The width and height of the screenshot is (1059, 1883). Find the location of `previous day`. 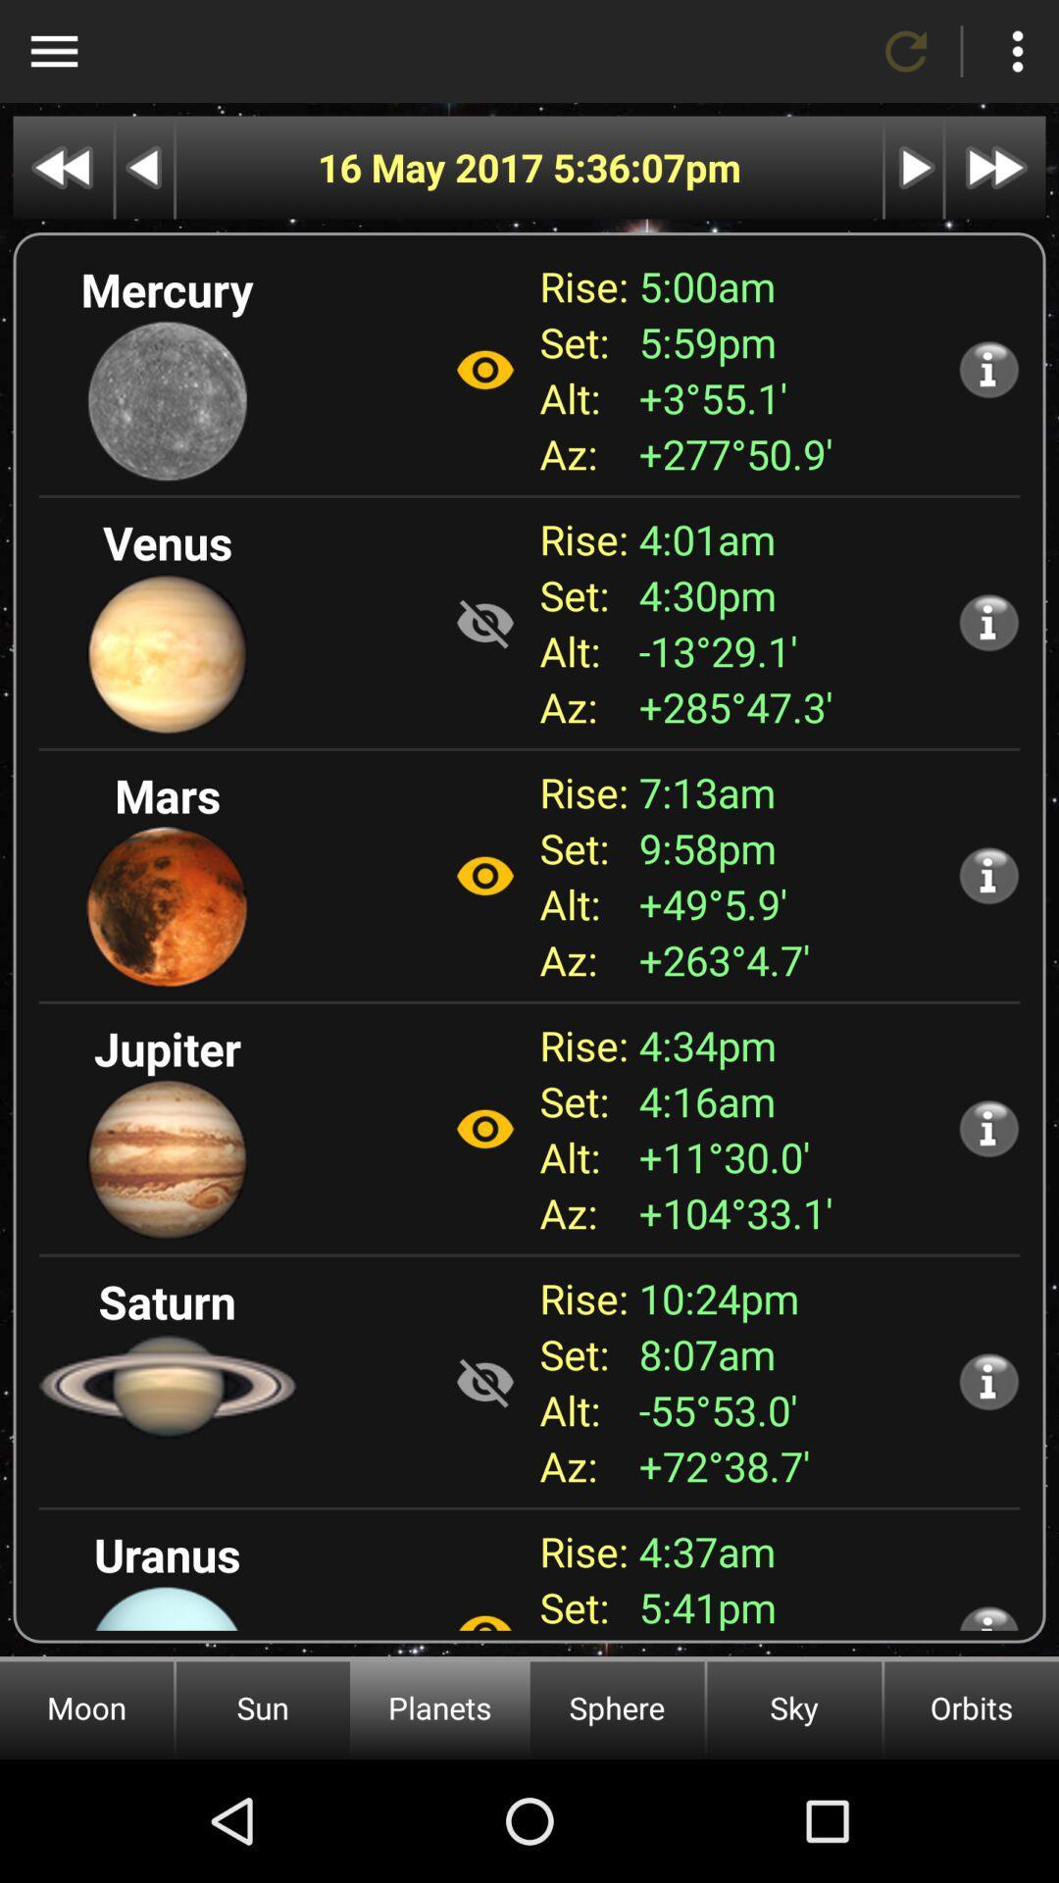

previous day is located at coordinates (143, 168).